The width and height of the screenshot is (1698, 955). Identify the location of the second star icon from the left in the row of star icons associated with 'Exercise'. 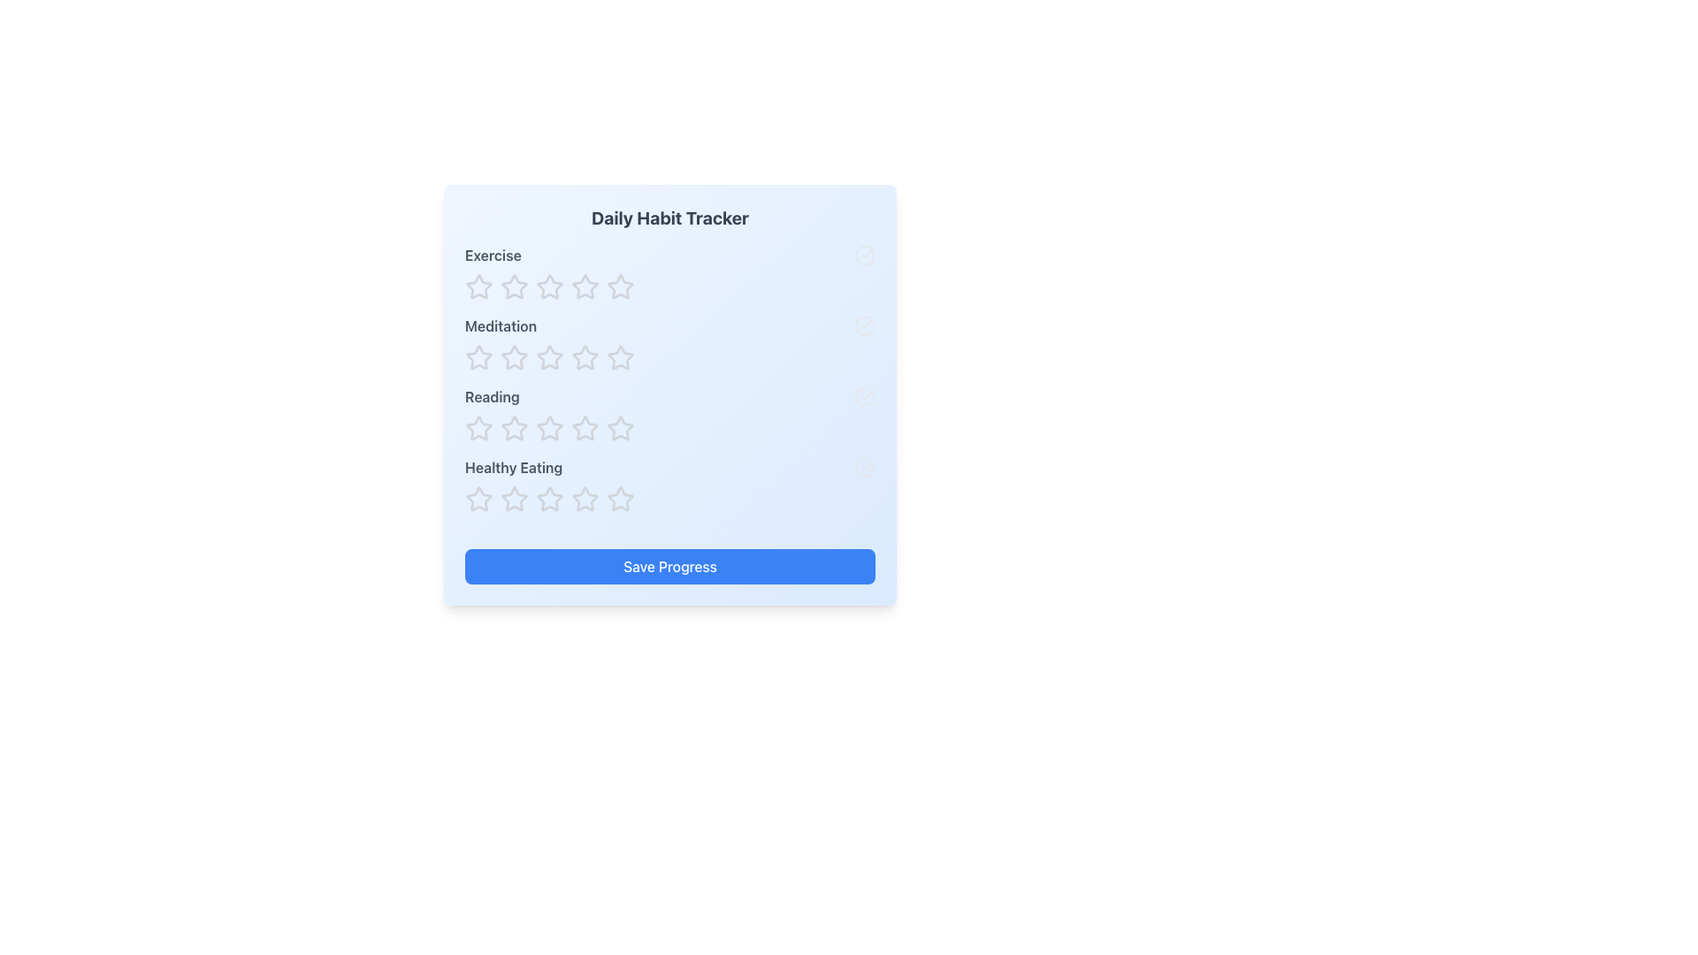
(547, 286).